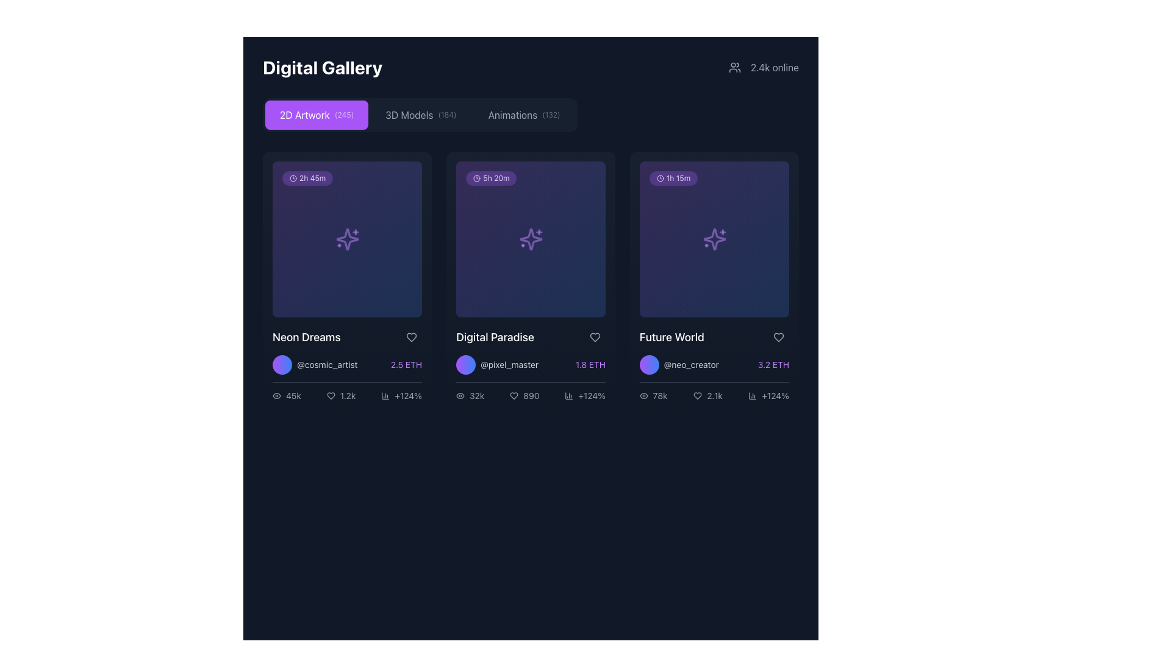 The height and width of the screenshot is (658, 1171). I want to click on the heart icon located at the lower-right corner of the 'Digital Paradise' card, so click(514, 396).